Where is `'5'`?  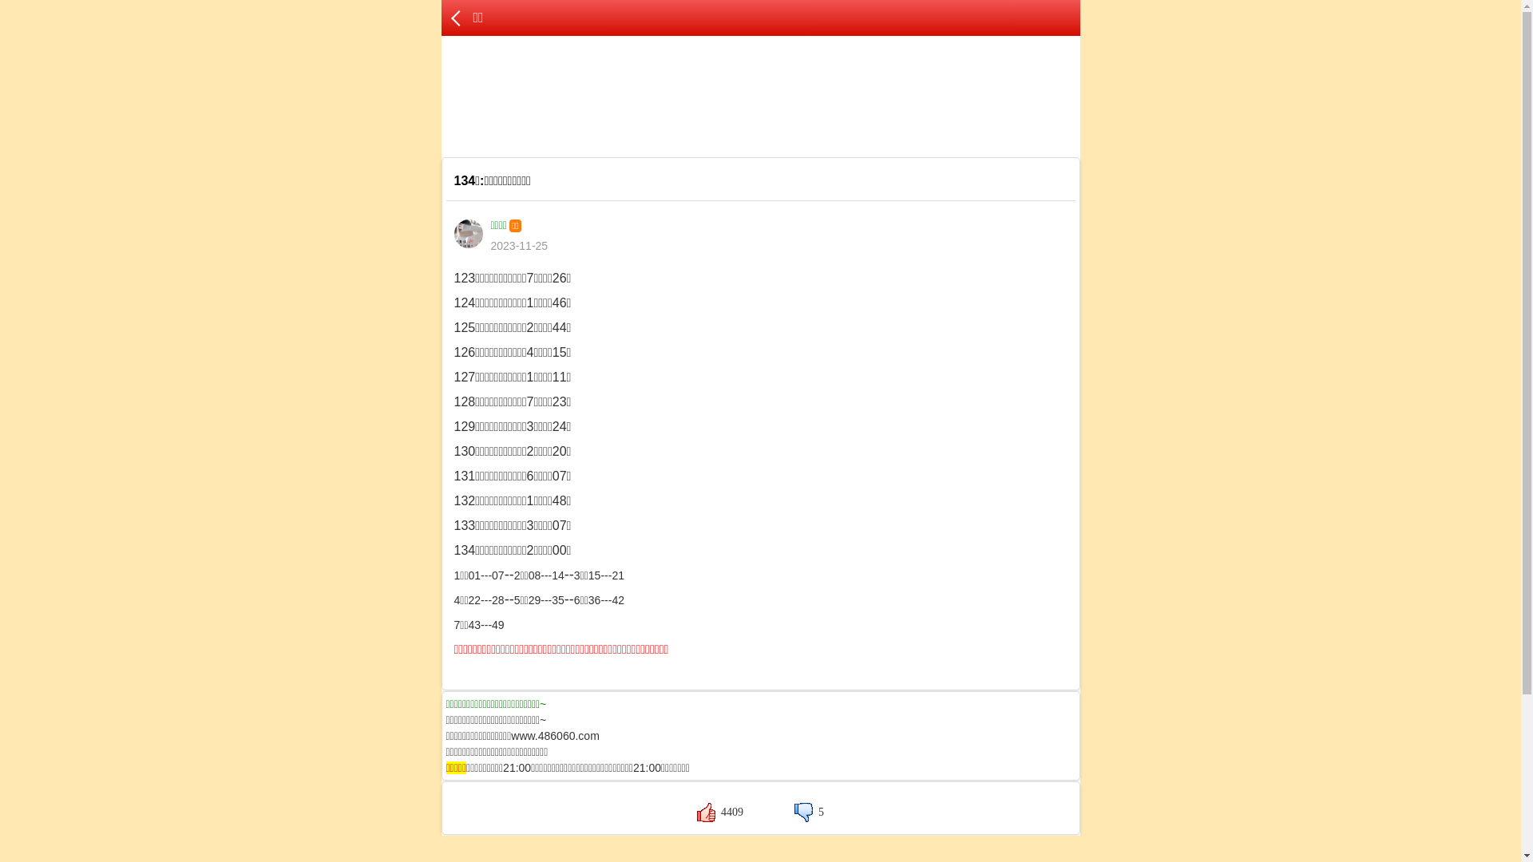
'5' is located at coordinates (809, 812).